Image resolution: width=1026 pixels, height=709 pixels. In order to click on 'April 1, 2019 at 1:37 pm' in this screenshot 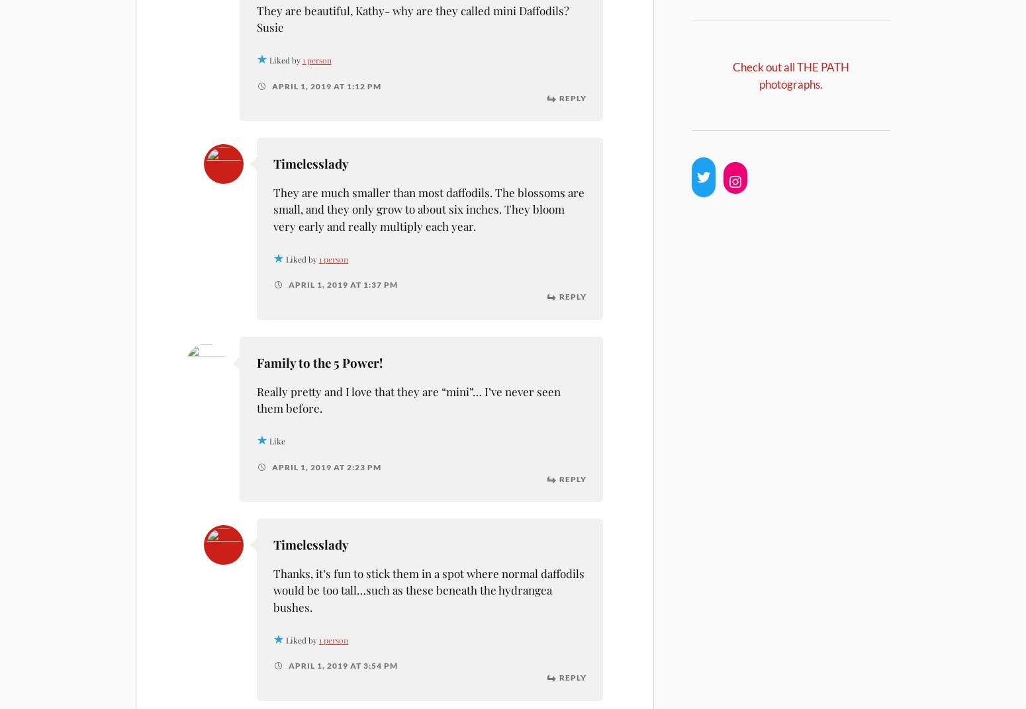, I will do `click(341, 284)`.